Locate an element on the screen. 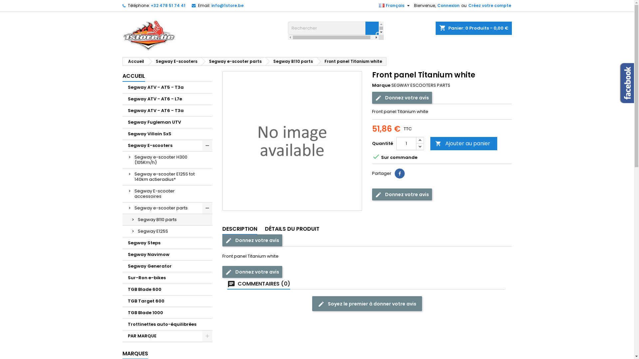 The height and width of the screenshot is (359, 639). 'Segway e-scooter H300 (105Km/h)' is located at coordinates (167, 160).